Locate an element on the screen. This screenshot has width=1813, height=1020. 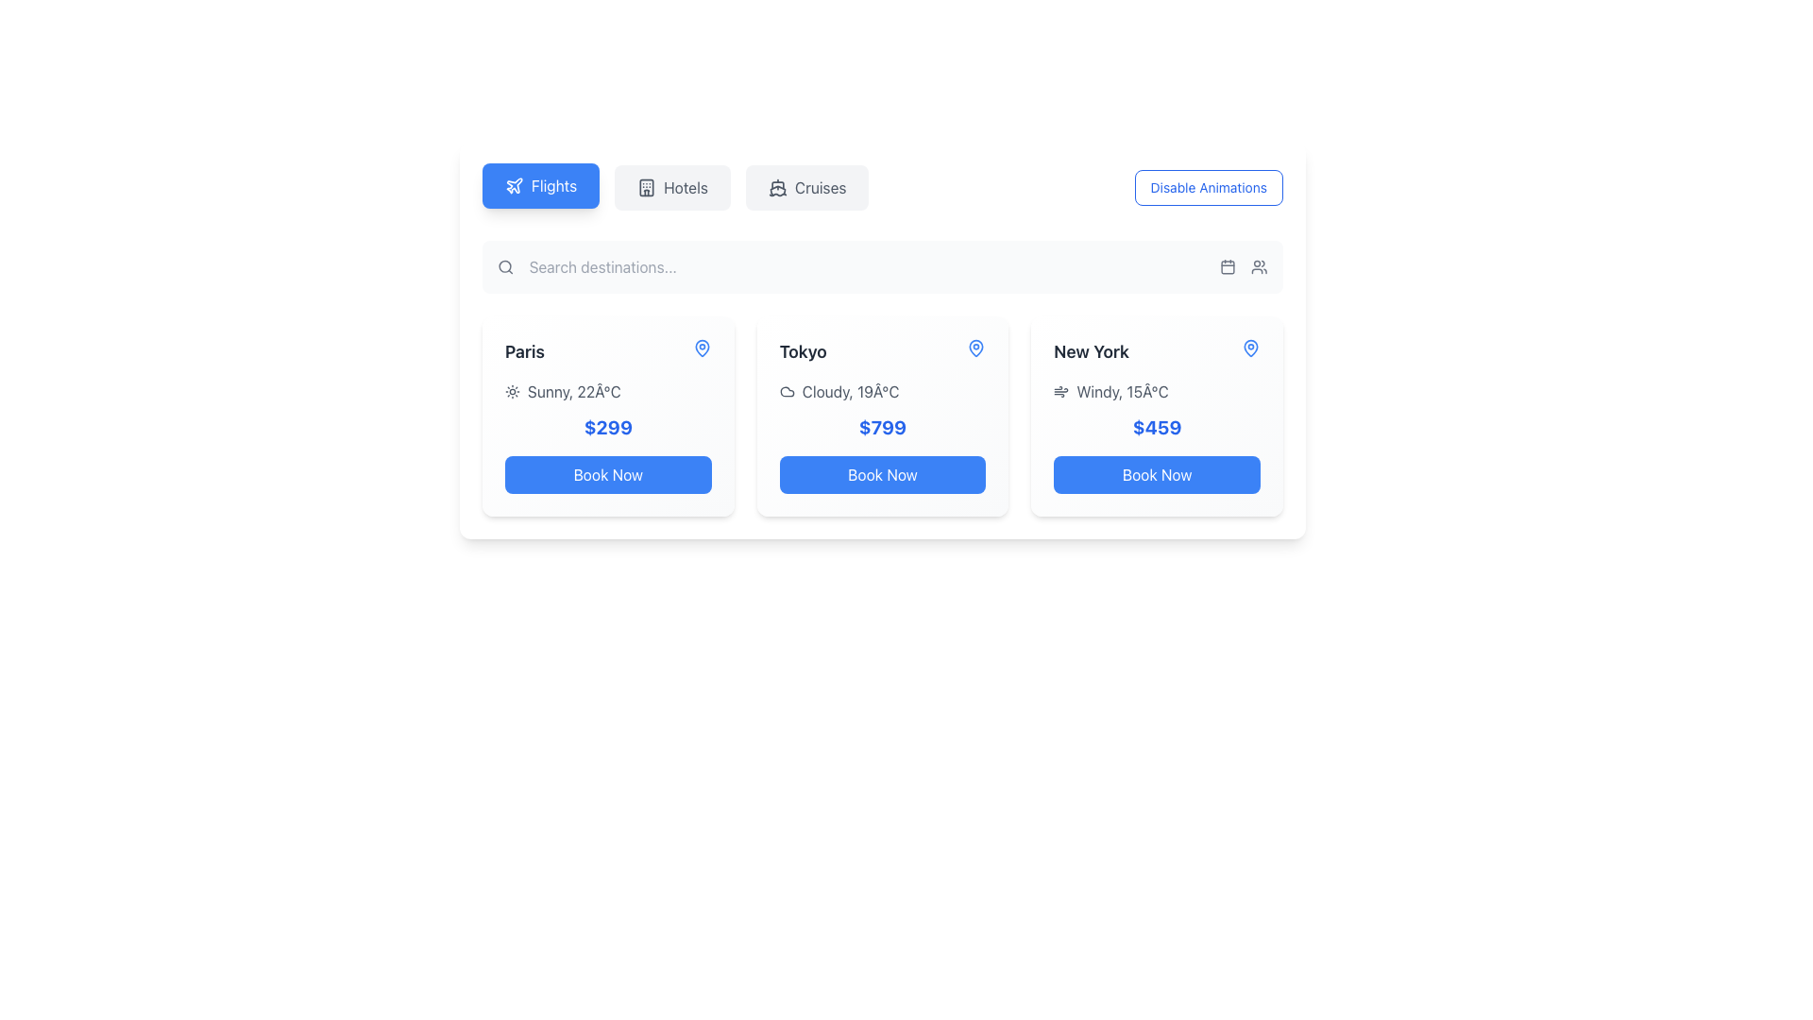
the text label element reading 'Cruises', which is styled in a capitalized font and muted gray color, located in the horizontal navigation menu is located at coordinates (821, 188).